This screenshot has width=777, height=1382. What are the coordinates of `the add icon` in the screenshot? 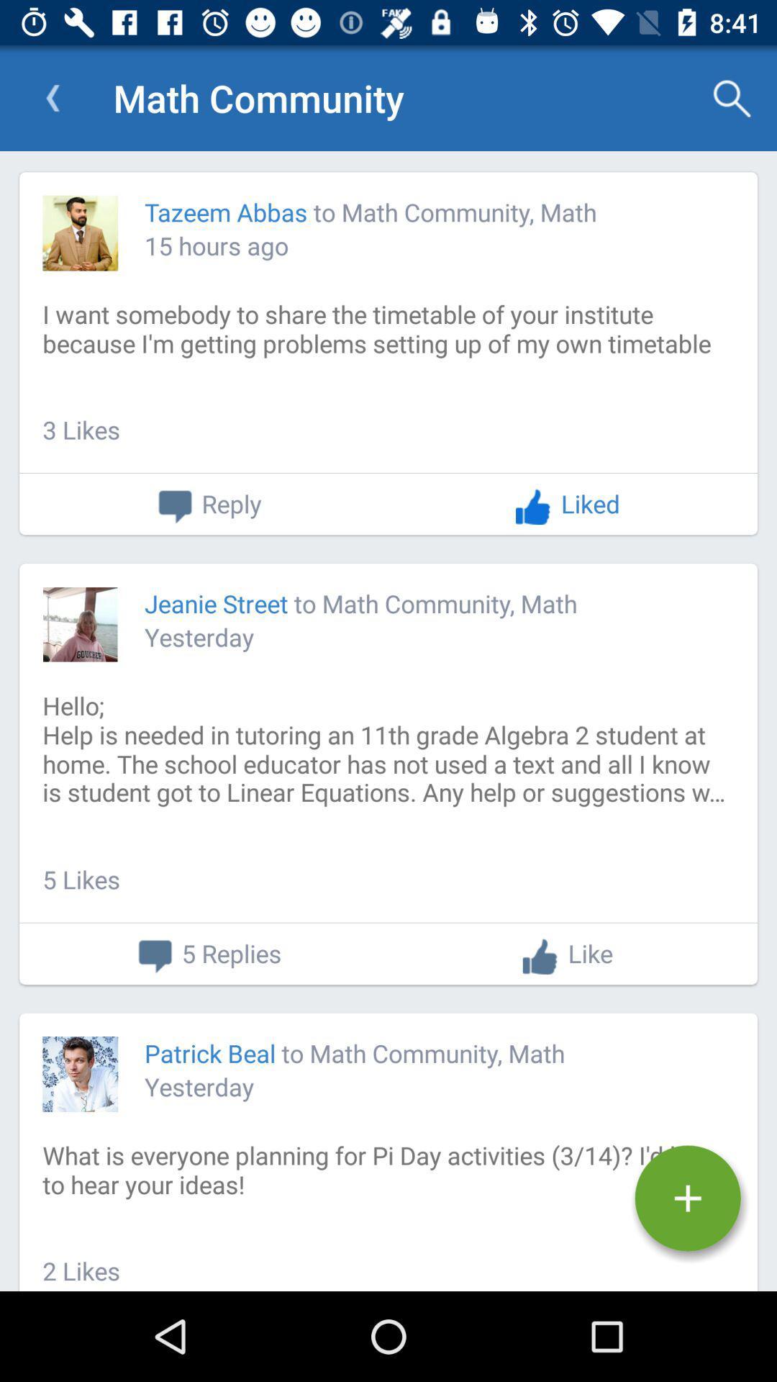 It's located at (687, 1198).